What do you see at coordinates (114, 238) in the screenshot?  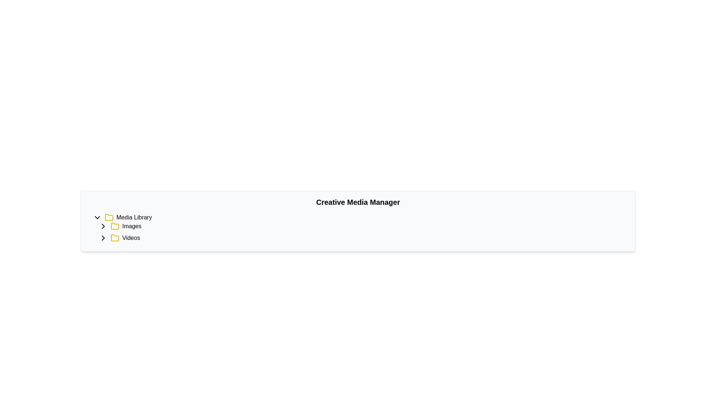 I see `the yellow folder icon that precedes the text labeled 'Videos', which is the third element in a list of folder icons` at bounding box center [114, 238].